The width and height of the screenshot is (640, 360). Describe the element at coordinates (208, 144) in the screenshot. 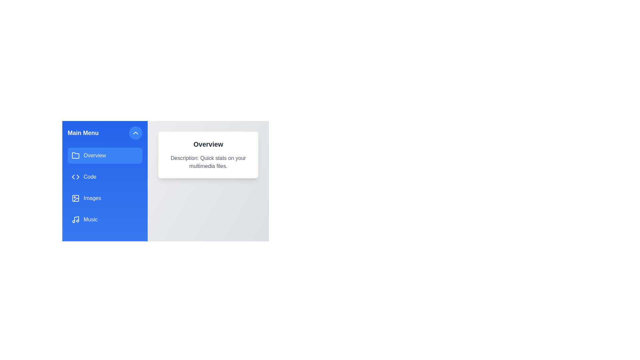

I see `the bold heading text labeled 'Overview' which is displayed in dark gray on a light background, located at the upper position of a white card with rounded corners` at that location.